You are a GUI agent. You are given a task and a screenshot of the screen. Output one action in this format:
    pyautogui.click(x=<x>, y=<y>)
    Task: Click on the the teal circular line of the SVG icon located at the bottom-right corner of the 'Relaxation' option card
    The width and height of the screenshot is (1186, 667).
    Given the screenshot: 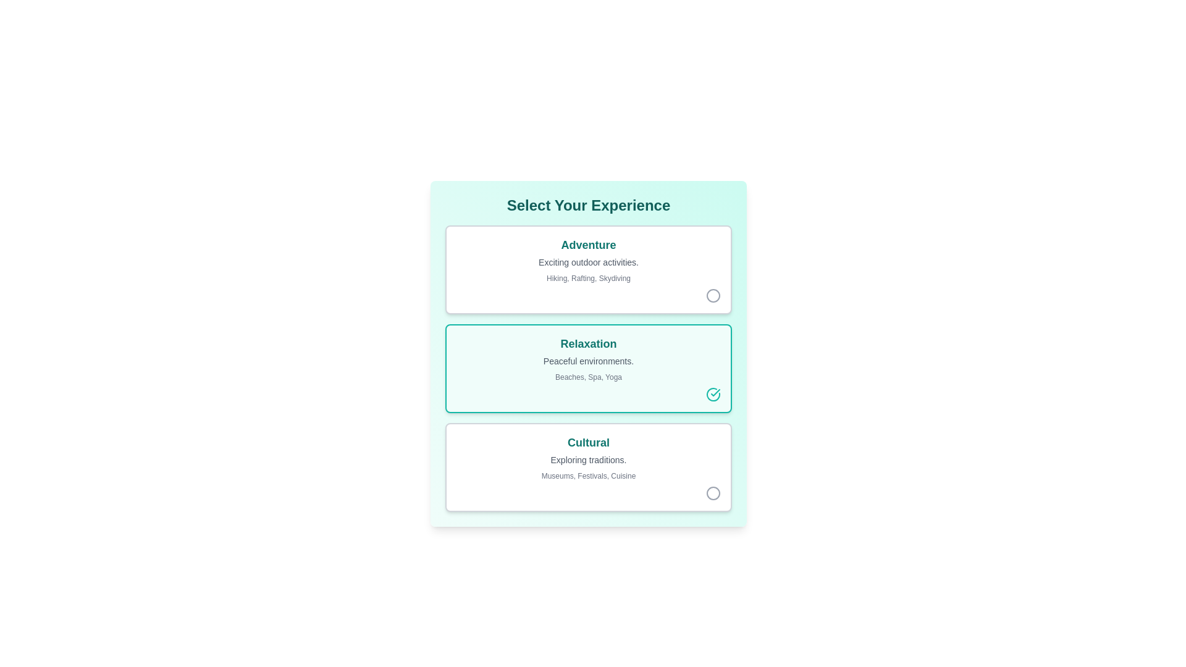 What is the action you would take?
    pyautogui.click(x=713, y=395)
    